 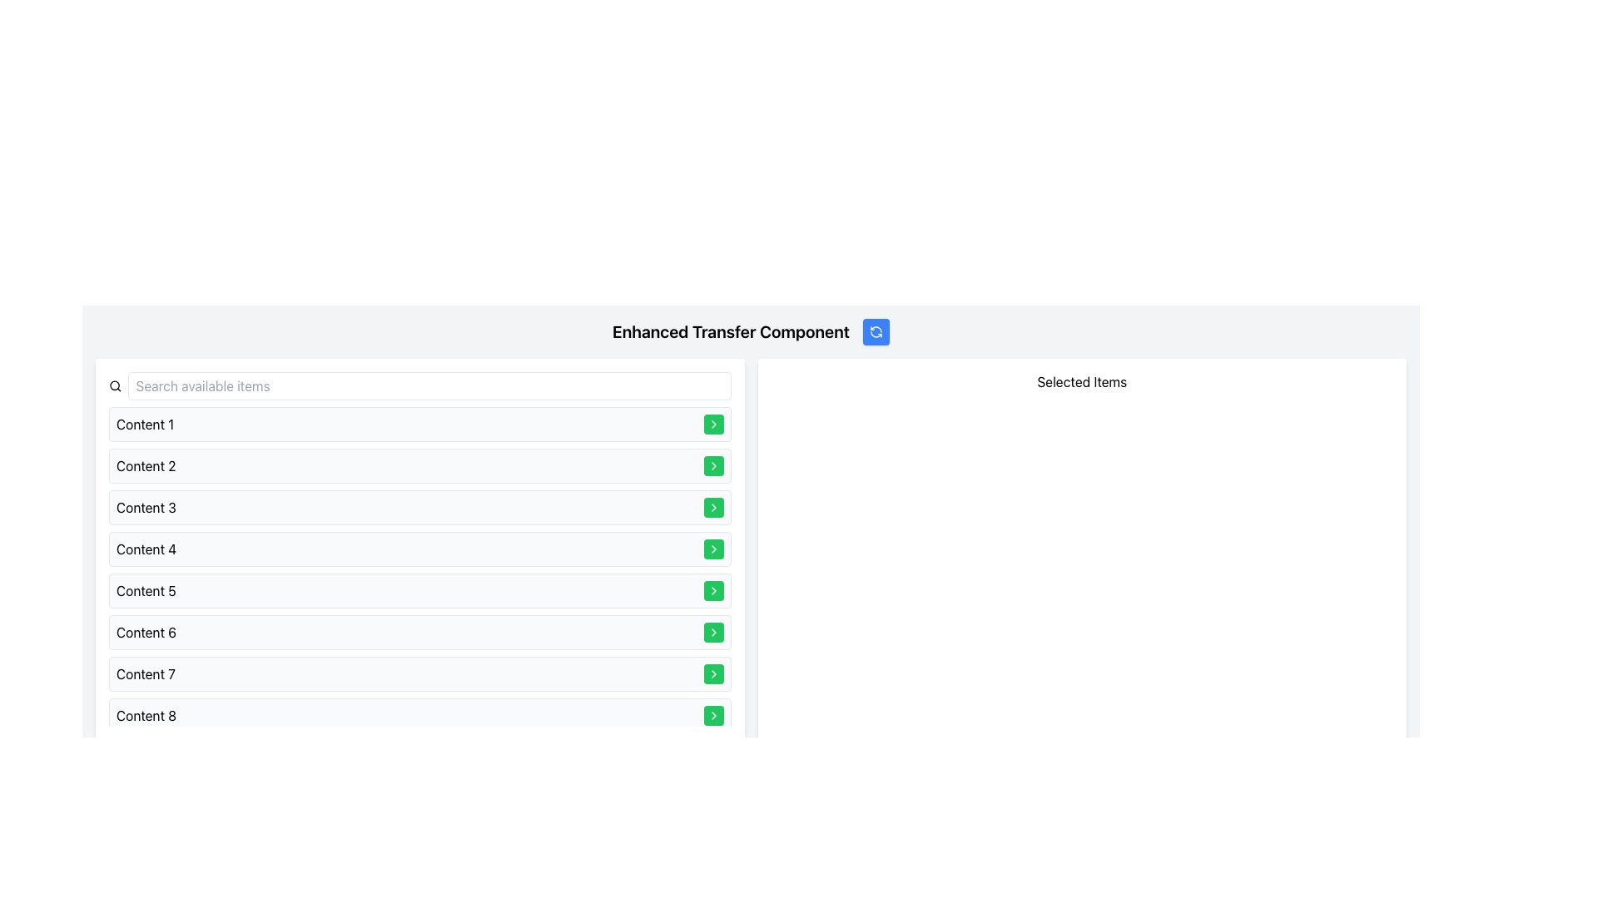 I want to click on the right-pointing chevron arrow icon with a green background located within a button-like element in the same row as 'Content 8' in the left panel, so click(x=713, y=549).